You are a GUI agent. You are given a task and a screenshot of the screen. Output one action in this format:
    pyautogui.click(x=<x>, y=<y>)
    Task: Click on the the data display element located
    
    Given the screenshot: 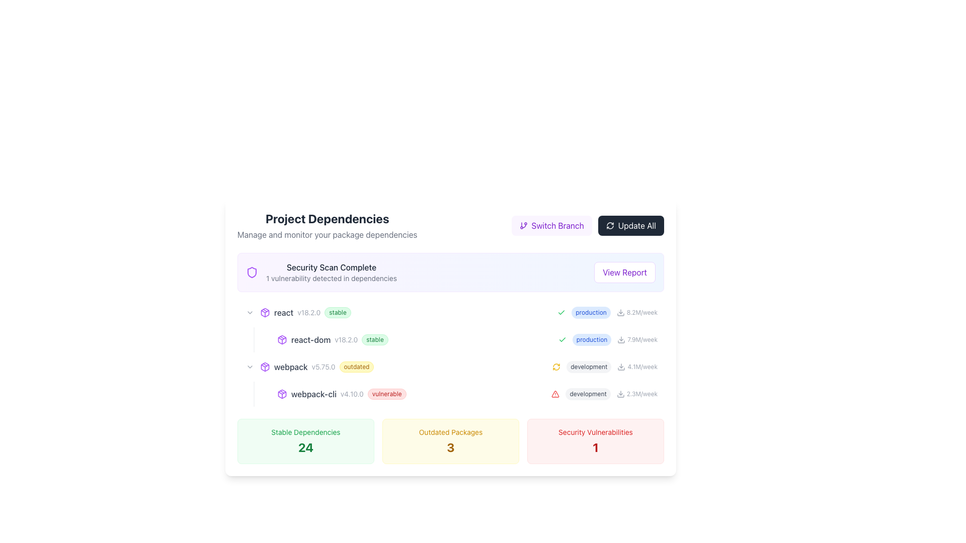 What is the action you would take?
    pyautogui.click(x=636, y=312)
    